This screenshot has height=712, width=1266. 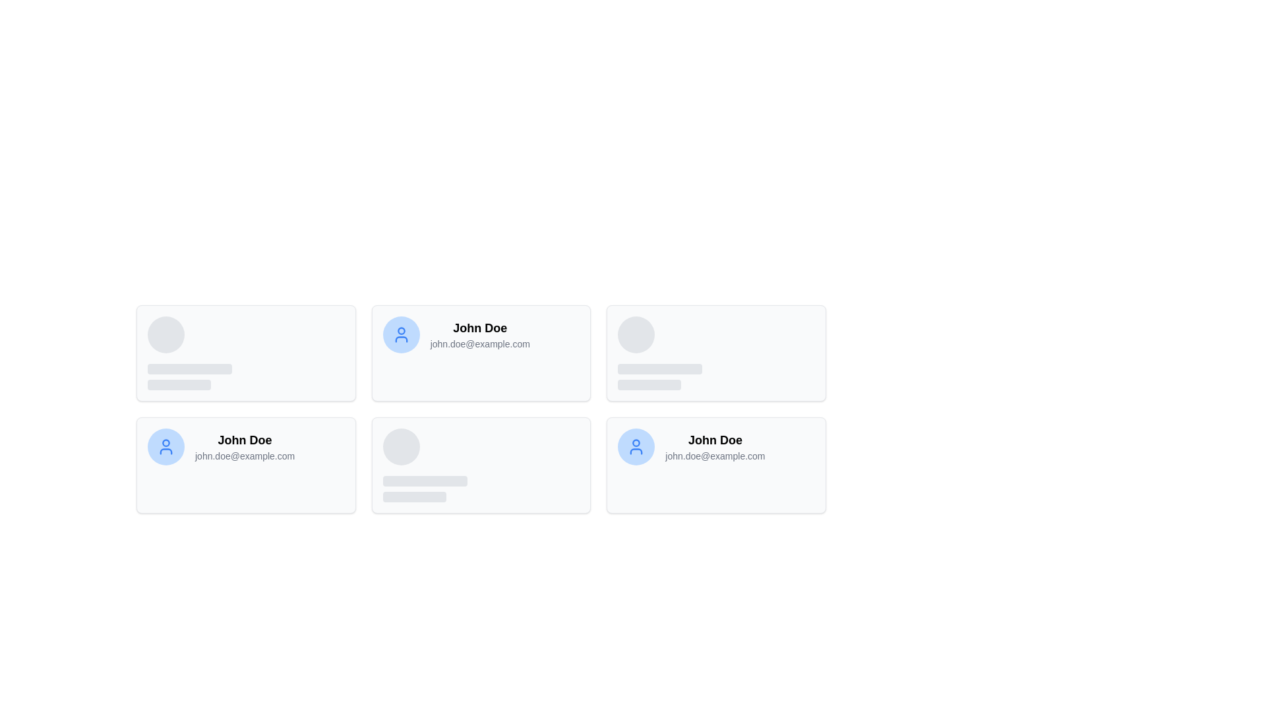 I want to click on the loading placeholder located in the bottom-middle card of a six-card grid layout, which indicates where content will appear once loaded, so click(x=425, y=489).